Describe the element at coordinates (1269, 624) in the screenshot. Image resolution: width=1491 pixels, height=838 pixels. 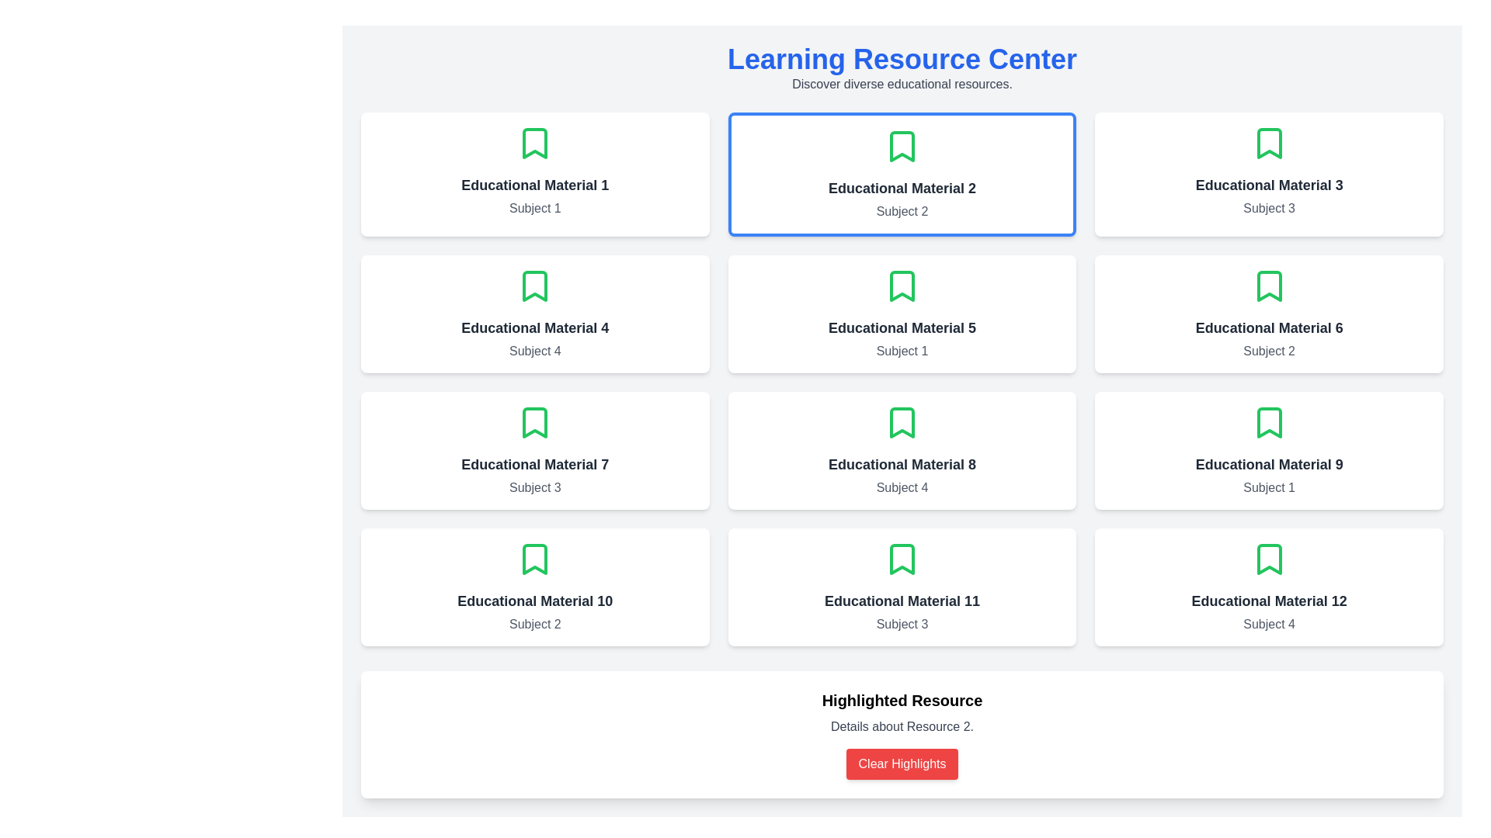
I see `the static text element displaying 'Subject 4', which is styled in medium-light gray and center-aligned, located at the bottom-center of the card titled 'Educational Material 12'` at that location.